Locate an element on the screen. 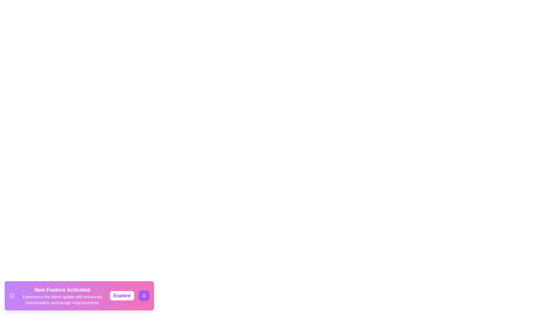 The image size is (560, 315). the close button (X icon) to dismiss the snackbar is located at coordinates (144, 296).